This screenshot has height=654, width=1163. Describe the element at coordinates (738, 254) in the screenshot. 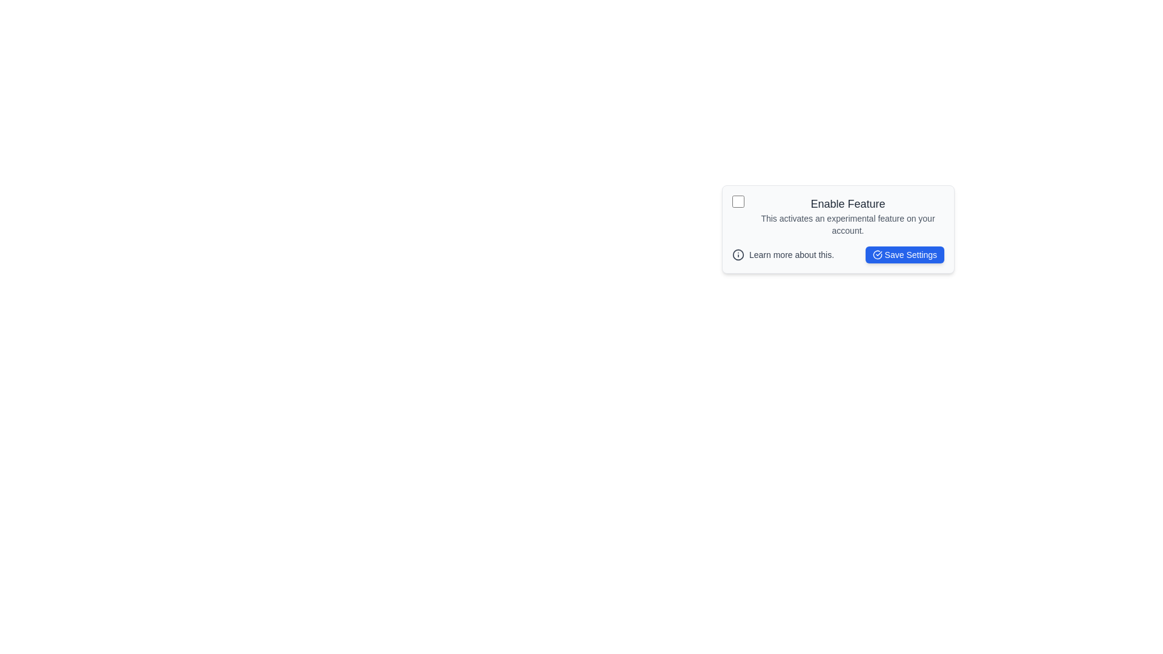

I see `the circular icon with an 'i' symbol, which is located to the left of the text 'Learn more about this.'` at that location.